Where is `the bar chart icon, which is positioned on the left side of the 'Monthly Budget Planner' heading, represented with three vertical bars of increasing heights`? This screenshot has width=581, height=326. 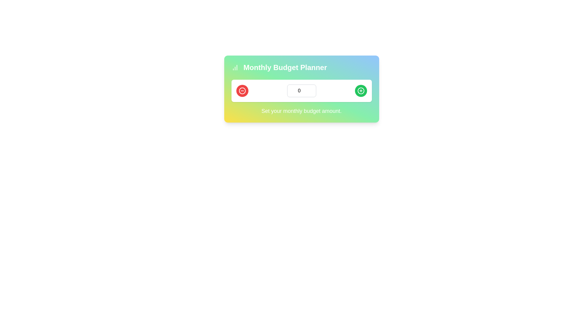
the bar chart icon, which is positioned on the left side of the 'Monthly Budget Planner' heading, represented with three vertical bars of increasing heights is located at coordinates (235, 67).